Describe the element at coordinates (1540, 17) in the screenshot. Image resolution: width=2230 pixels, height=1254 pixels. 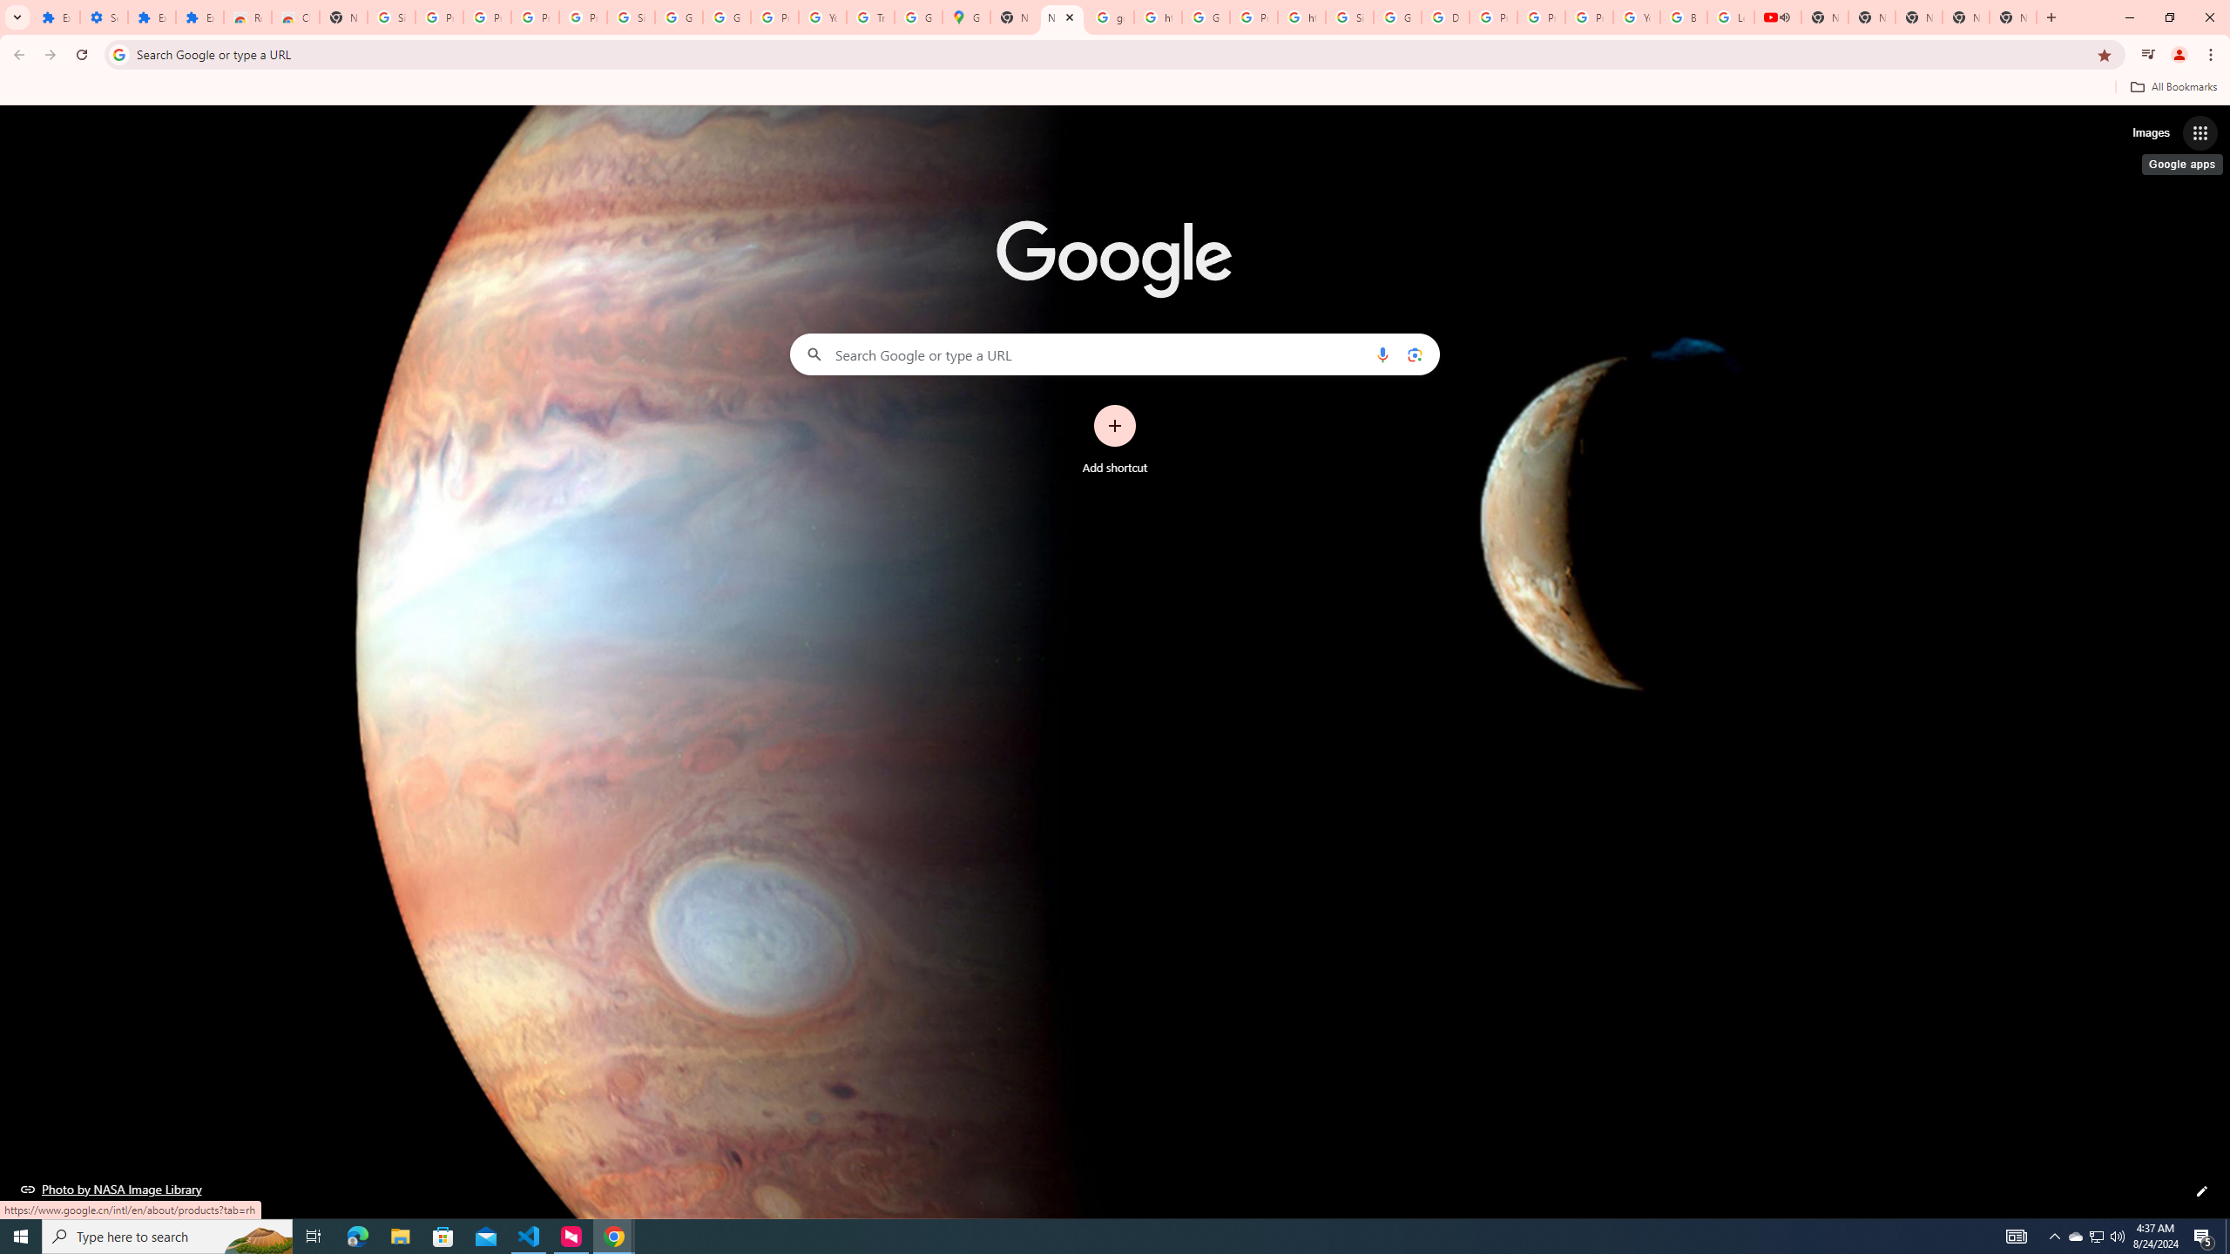
I see `'Privacy Help Center - Policies Help'` at that location.